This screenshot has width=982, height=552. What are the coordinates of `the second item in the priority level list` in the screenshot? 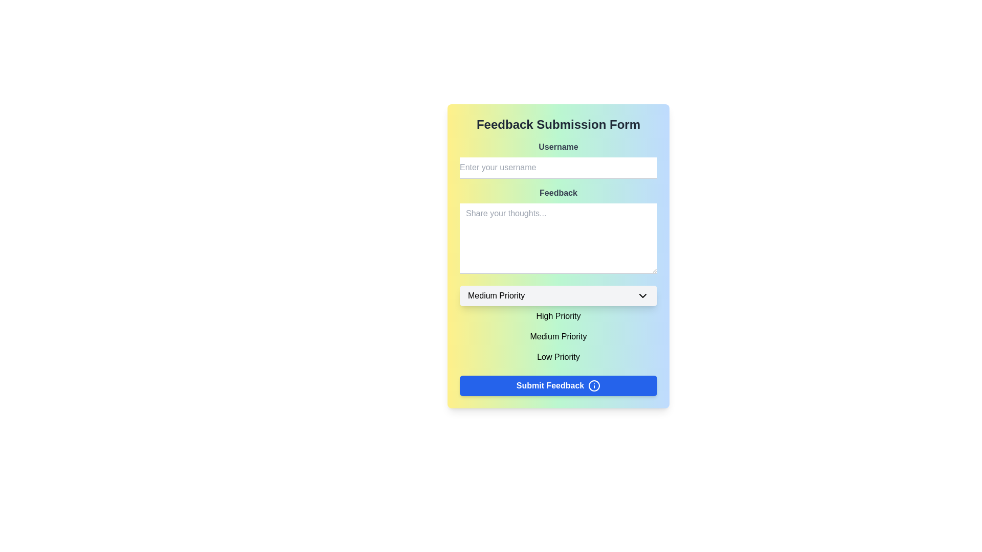 It's located at (557, 337).